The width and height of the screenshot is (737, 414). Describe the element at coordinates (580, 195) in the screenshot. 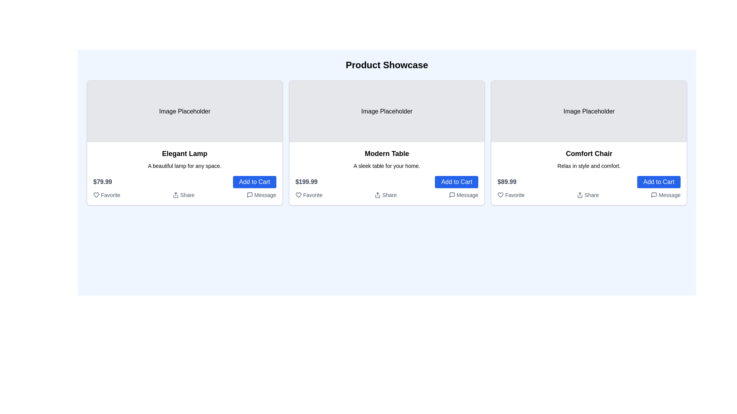

I see `the 'Share' icon located within the 'Share' button of the 'Comfort Chair' product card to initiate sharing options` at that location.